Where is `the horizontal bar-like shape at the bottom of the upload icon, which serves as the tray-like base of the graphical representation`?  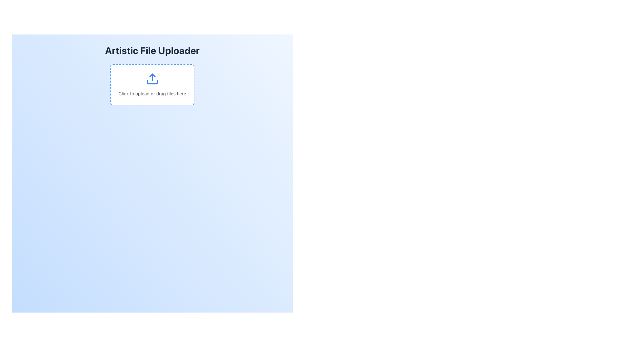
the horizontal bar-like shape at the bottom of the upload icon, which serves as the tray-like base of the graphical representation is located at coordinates (152, 82).